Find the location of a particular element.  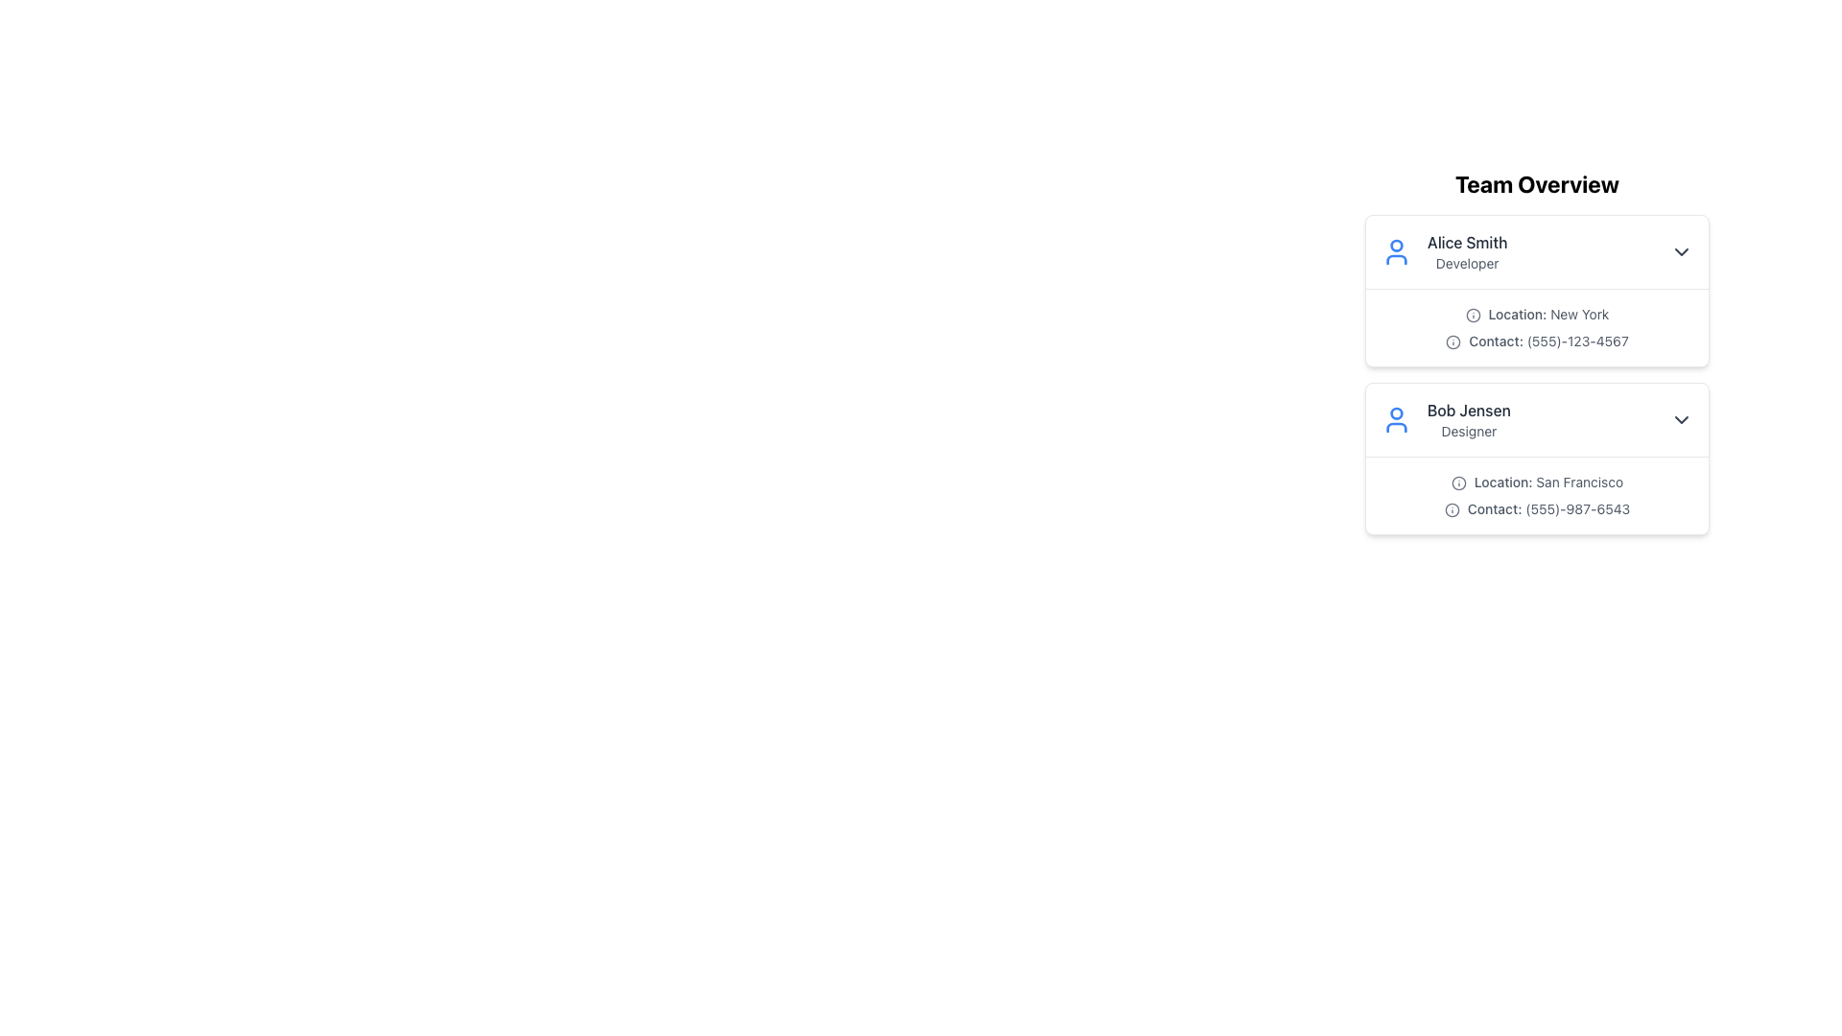

the text label indicating the contact phone number for Bob Jensen in the Team Overview interface is located at coordinates (1494, 507).